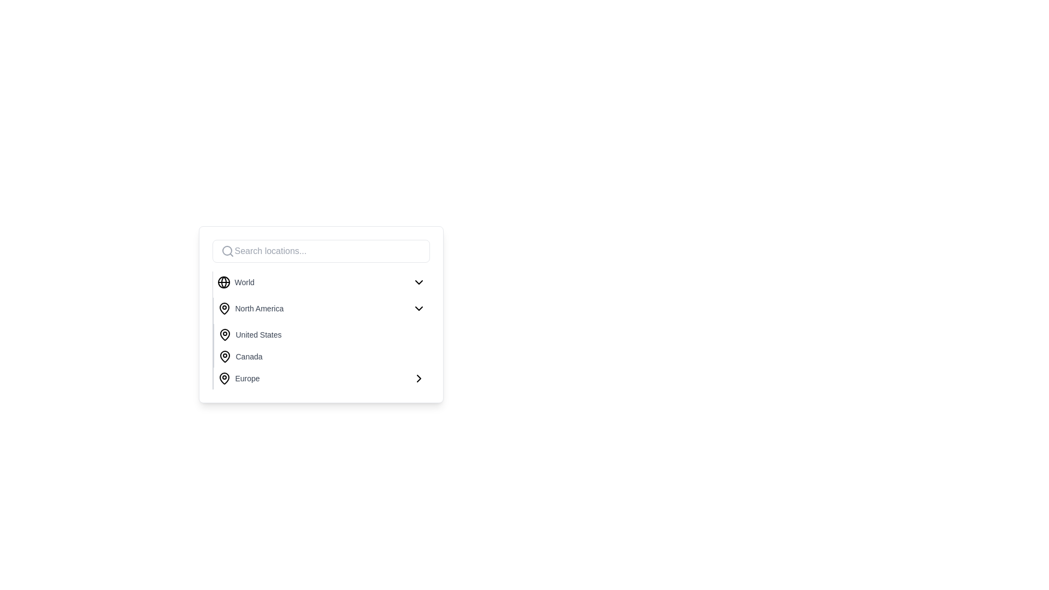 This screenshot has width=1049, height=590. I want to click on the right-facing chevron icon located in the dropdown menu, adjacent to the 'Europe' option, so click(418, 378).